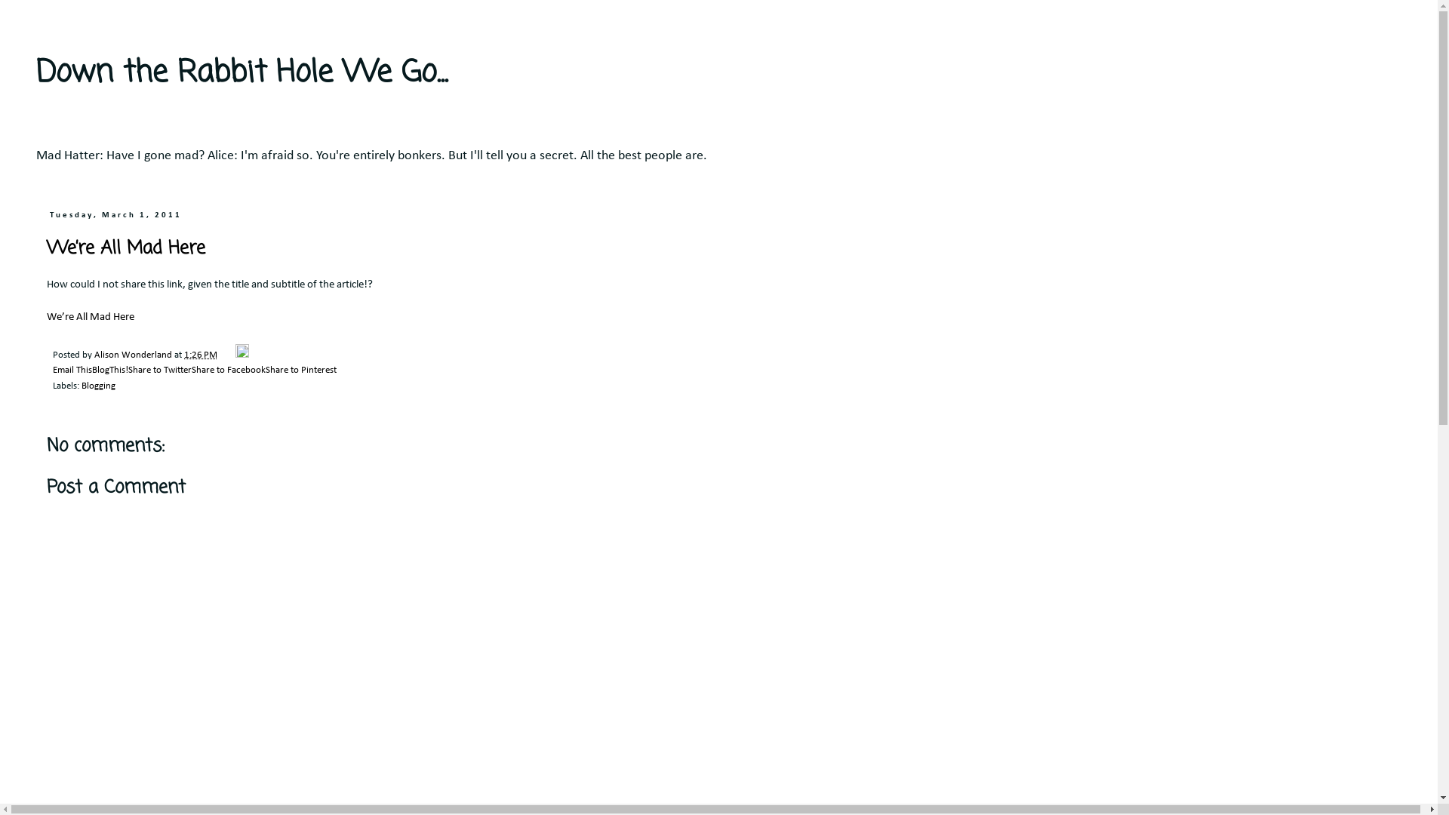 This screenshot has height=815, width=1449. What do you see at coordinates (134, 355) in the screenshot?
I see `'Alison Wonderland'` at bounding box center [134, 355].